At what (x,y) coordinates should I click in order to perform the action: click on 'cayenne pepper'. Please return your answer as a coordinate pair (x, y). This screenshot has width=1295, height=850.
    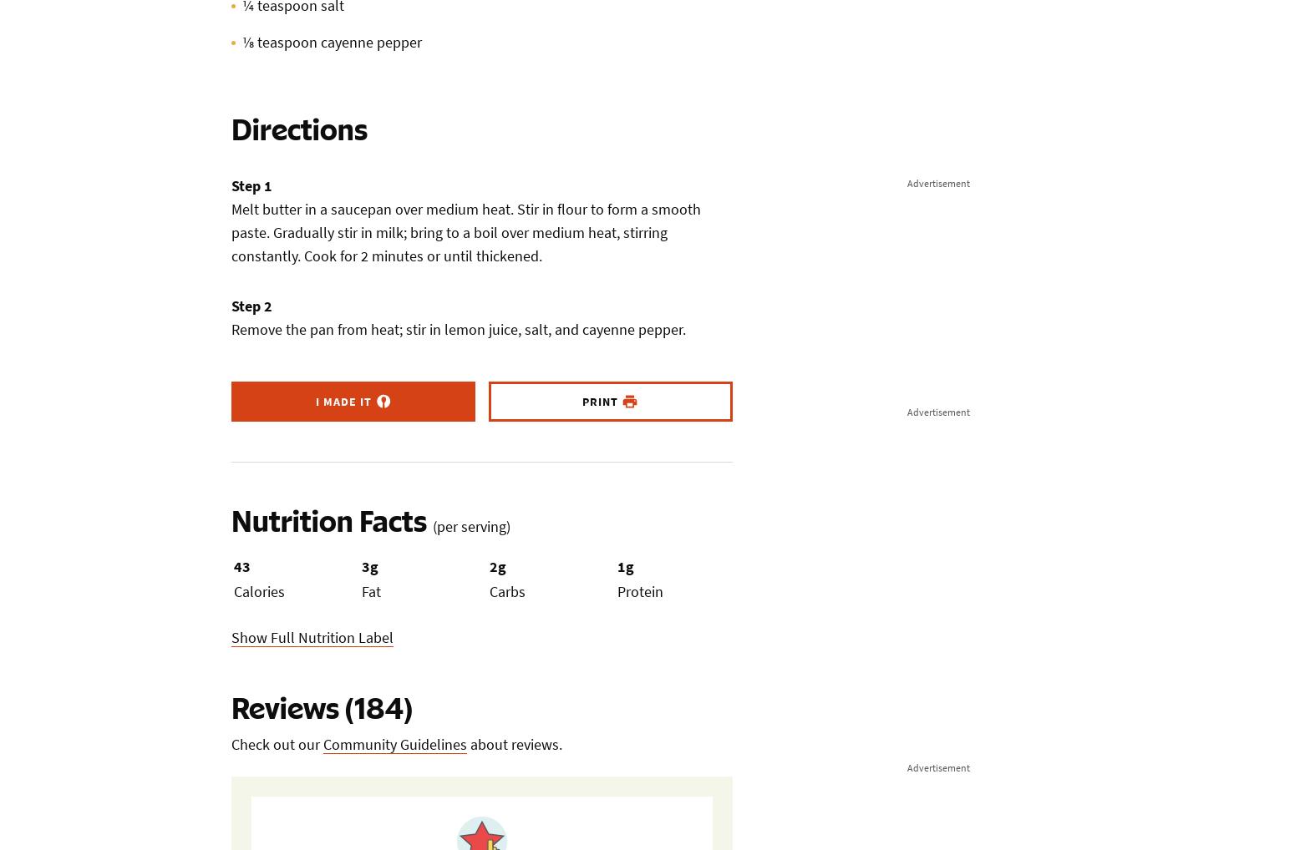
    Looking at the image, I should click on (319, 41).